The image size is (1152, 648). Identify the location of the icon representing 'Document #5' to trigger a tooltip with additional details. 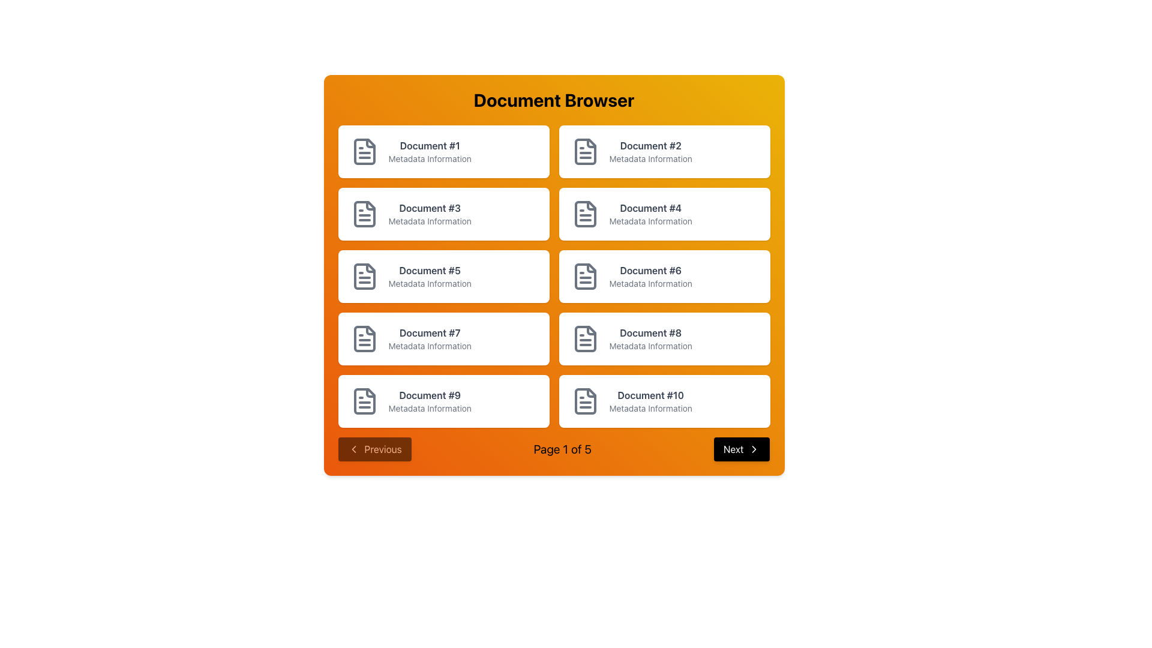
(364, 277).